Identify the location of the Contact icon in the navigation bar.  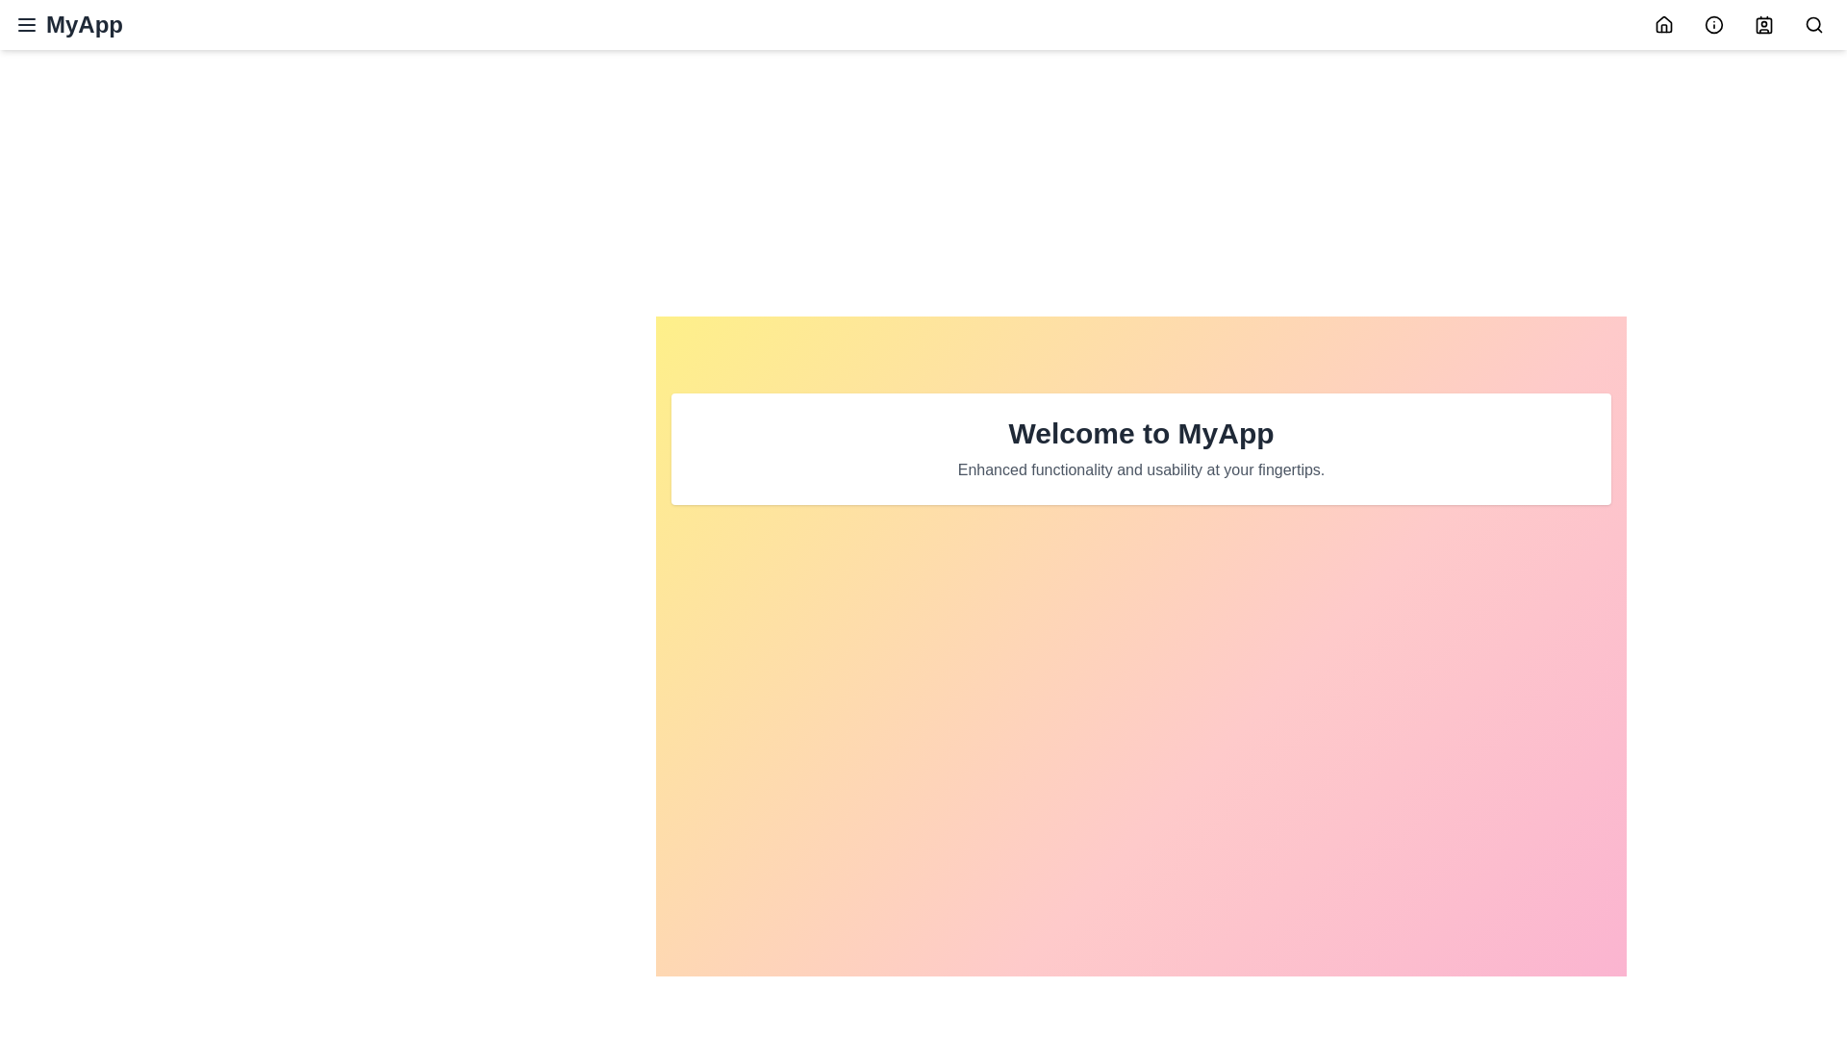
(1763, 25).